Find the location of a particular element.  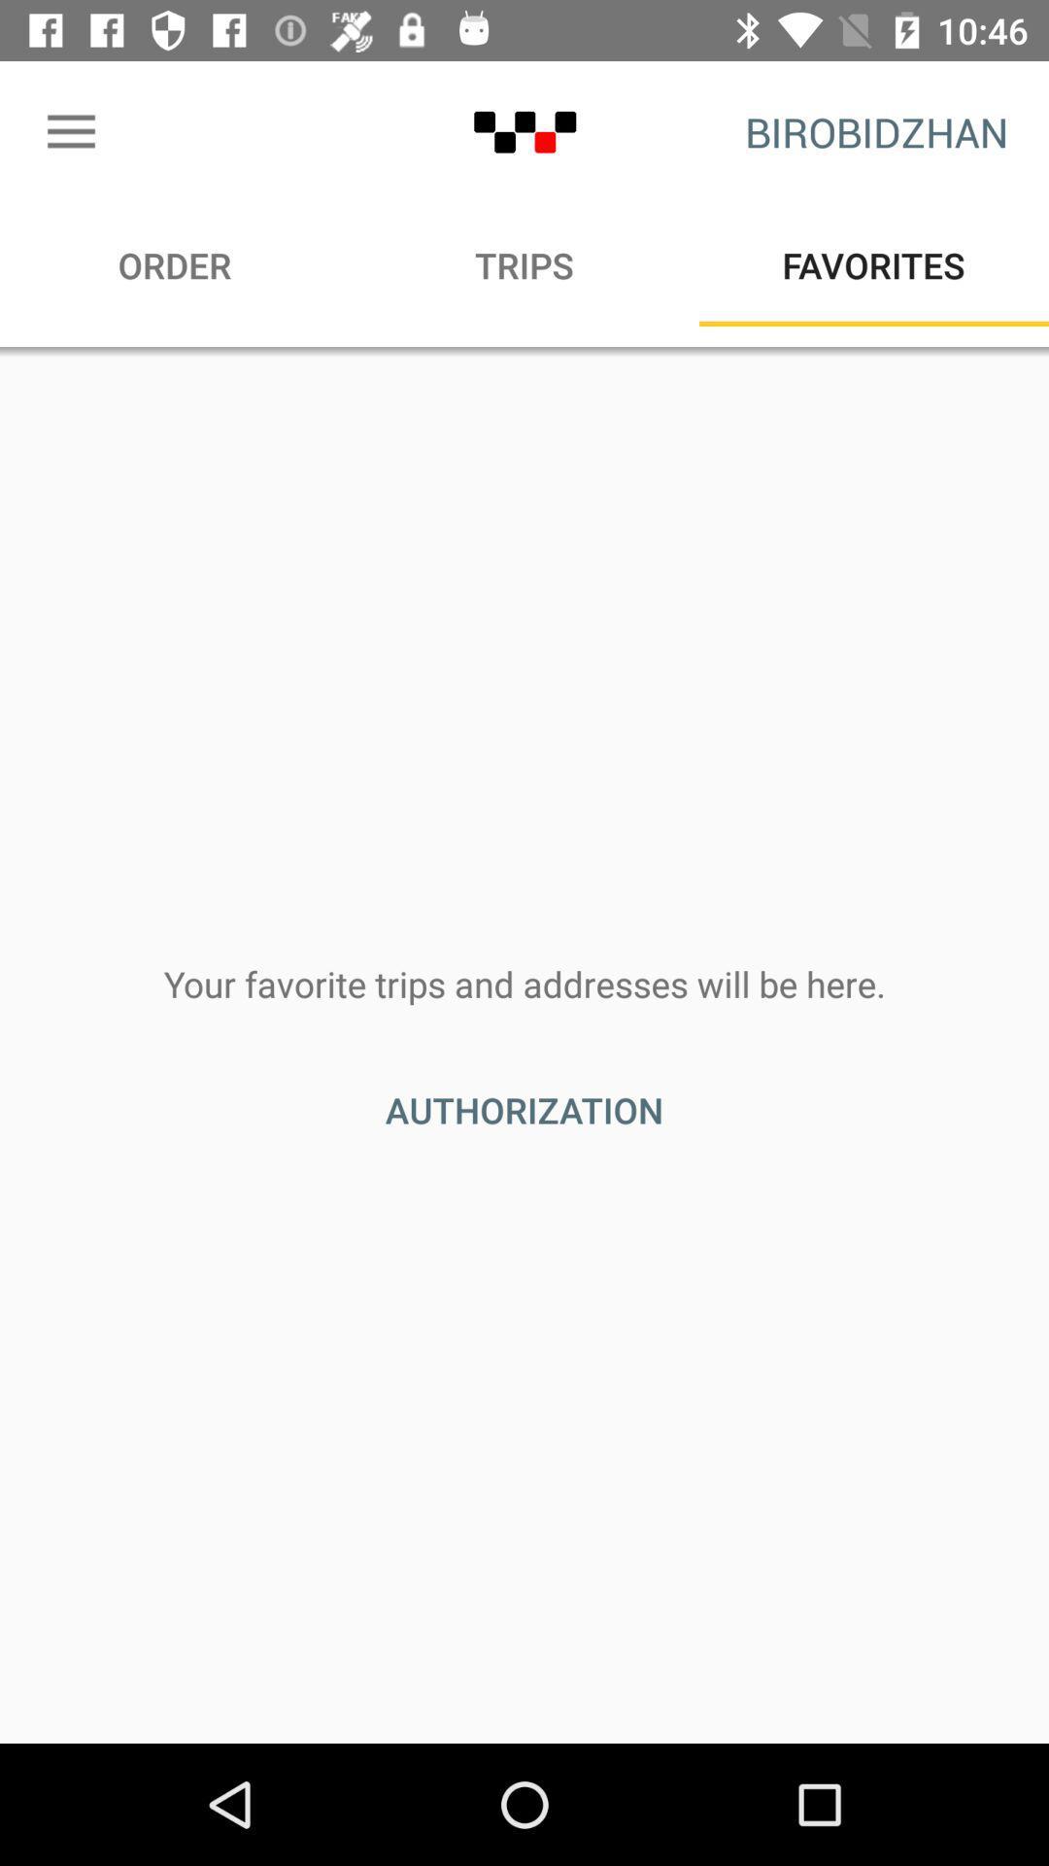

the item above the favorites item is located at coordinates (876, 131).